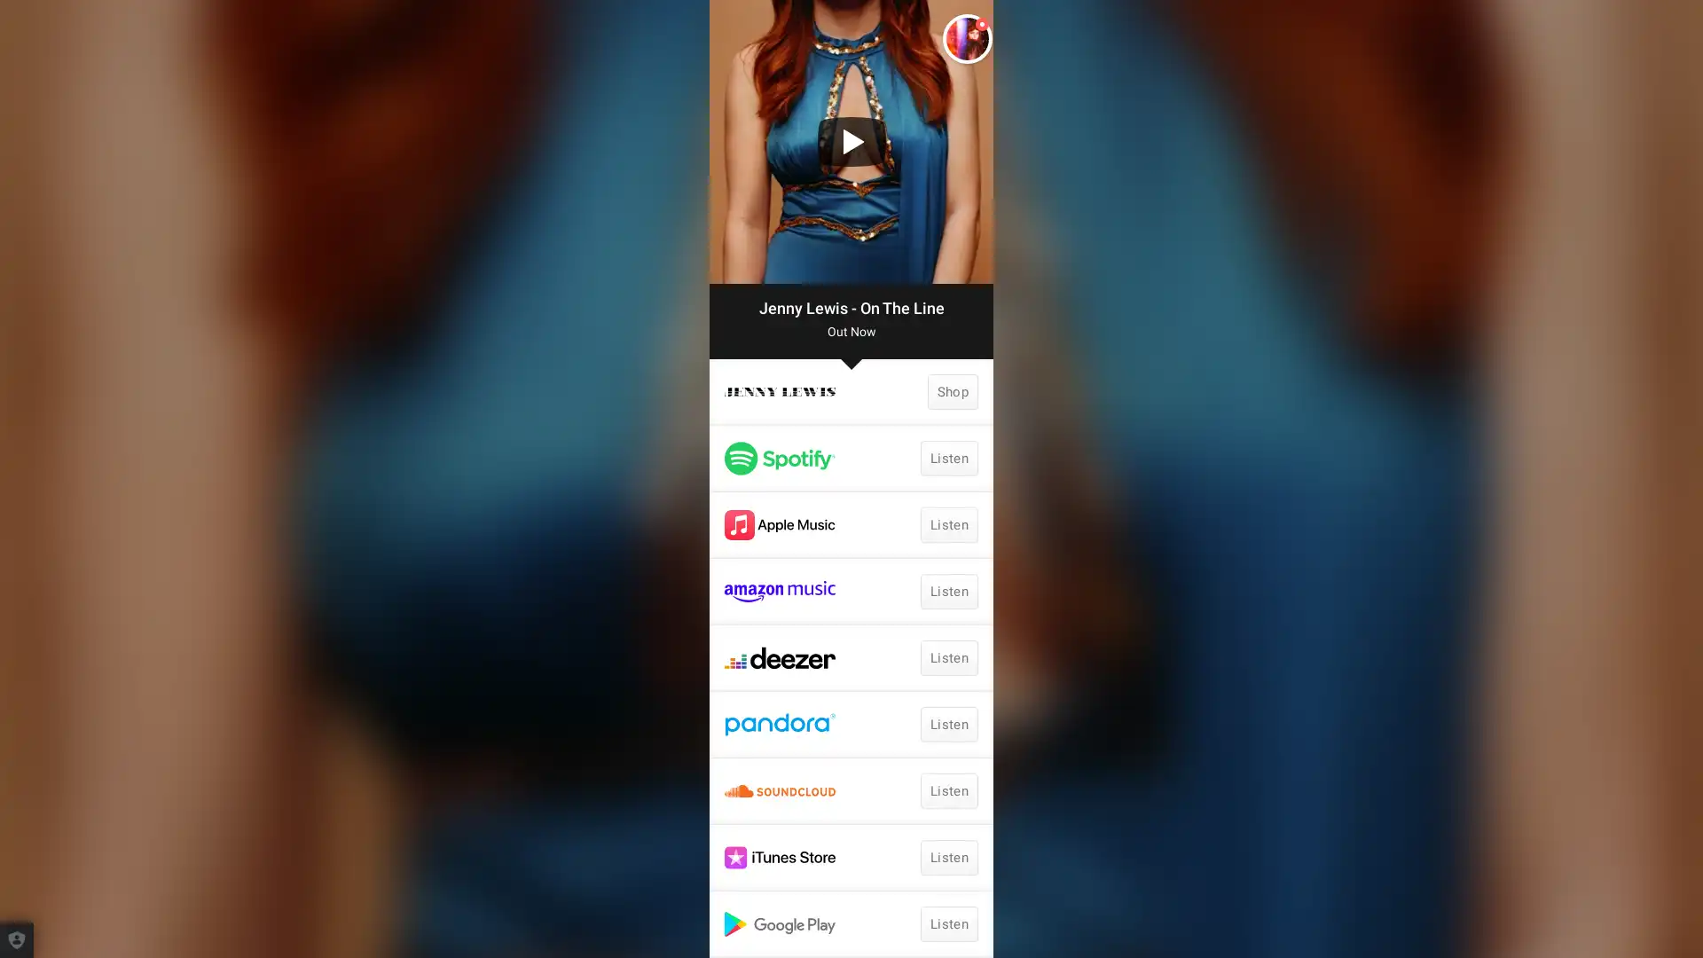 Image resolution: width=1703 pixels, height=958 pixels. I want to click on Listen, so click(948, 857).